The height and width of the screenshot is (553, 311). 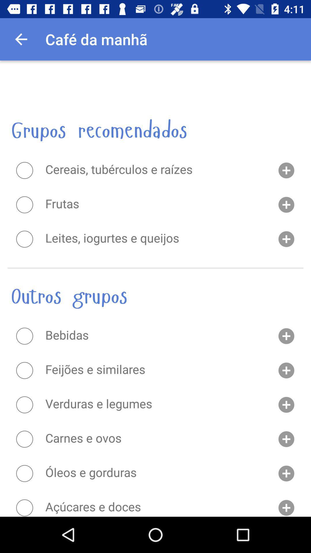 I want to click on item, so click(x=24, y=439).